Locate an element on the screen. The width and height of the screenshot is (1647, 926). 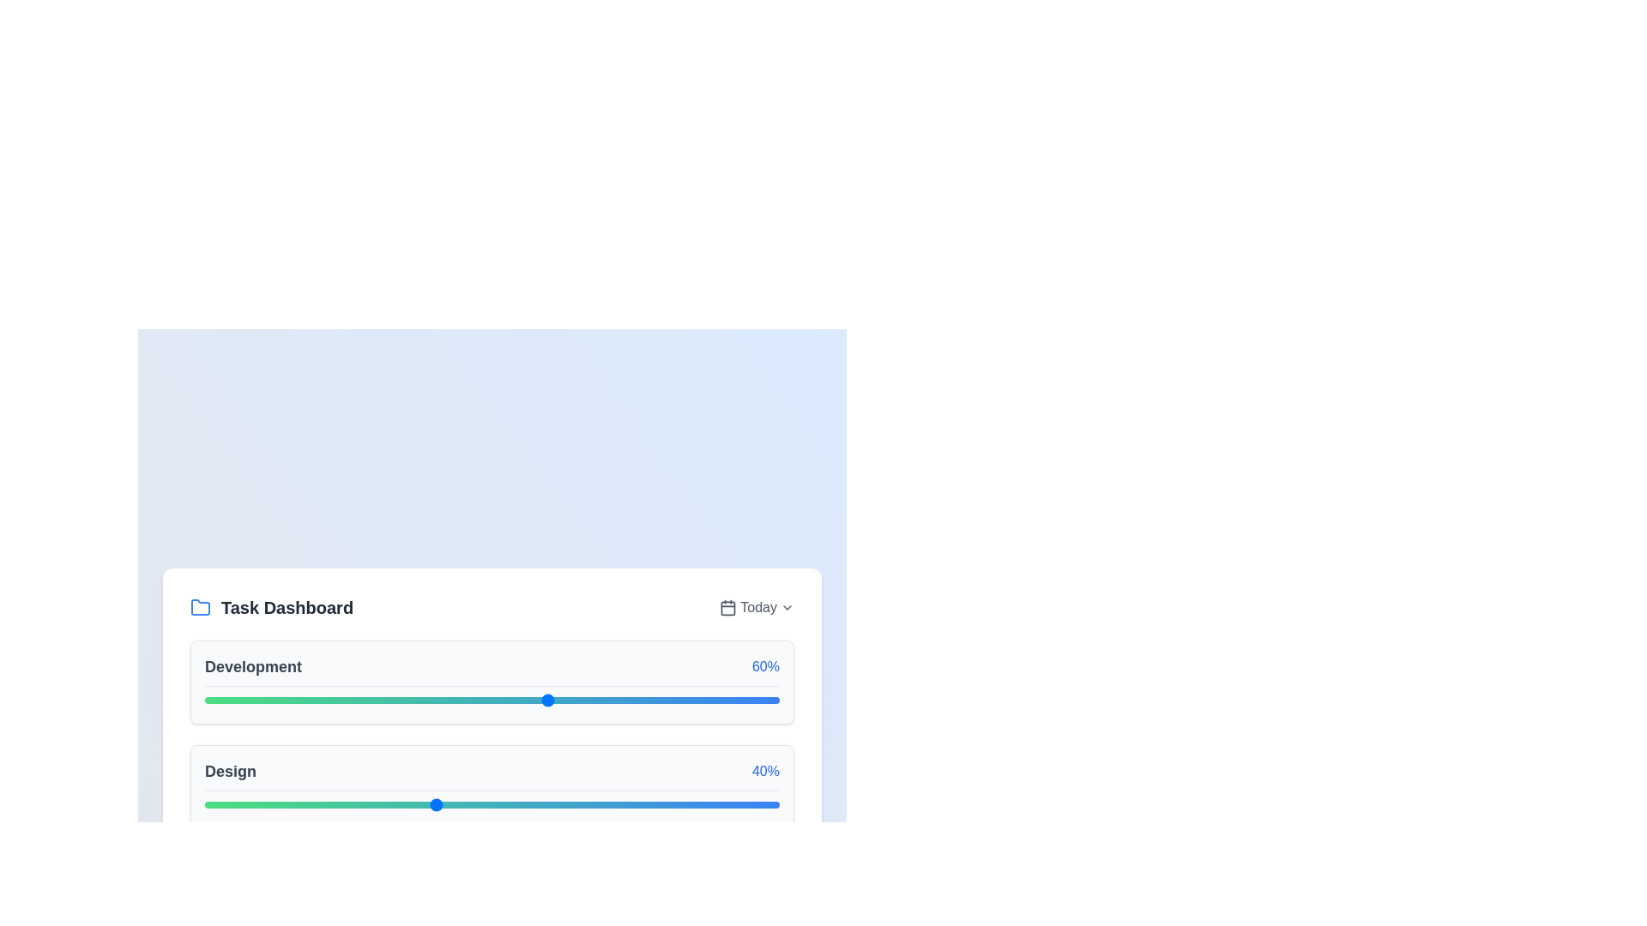
the development progress is located at coordinates (704, 701).